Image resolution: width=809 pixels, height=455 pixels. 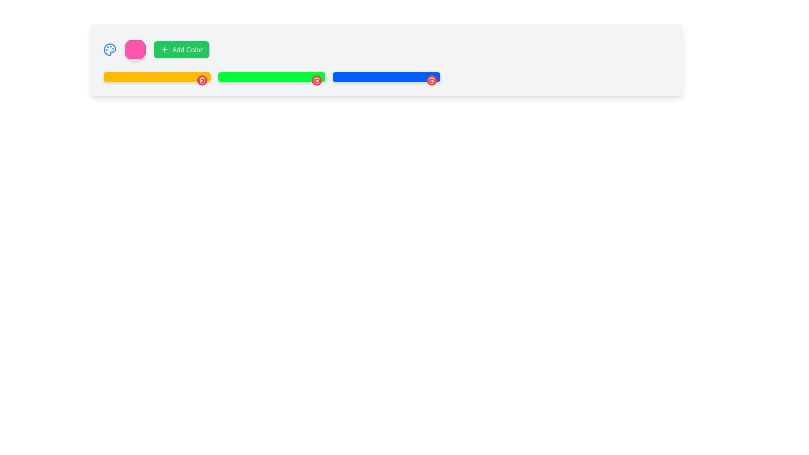 I want to click on the trash bin icon button with a bright red background, so click(x=431, y=80).